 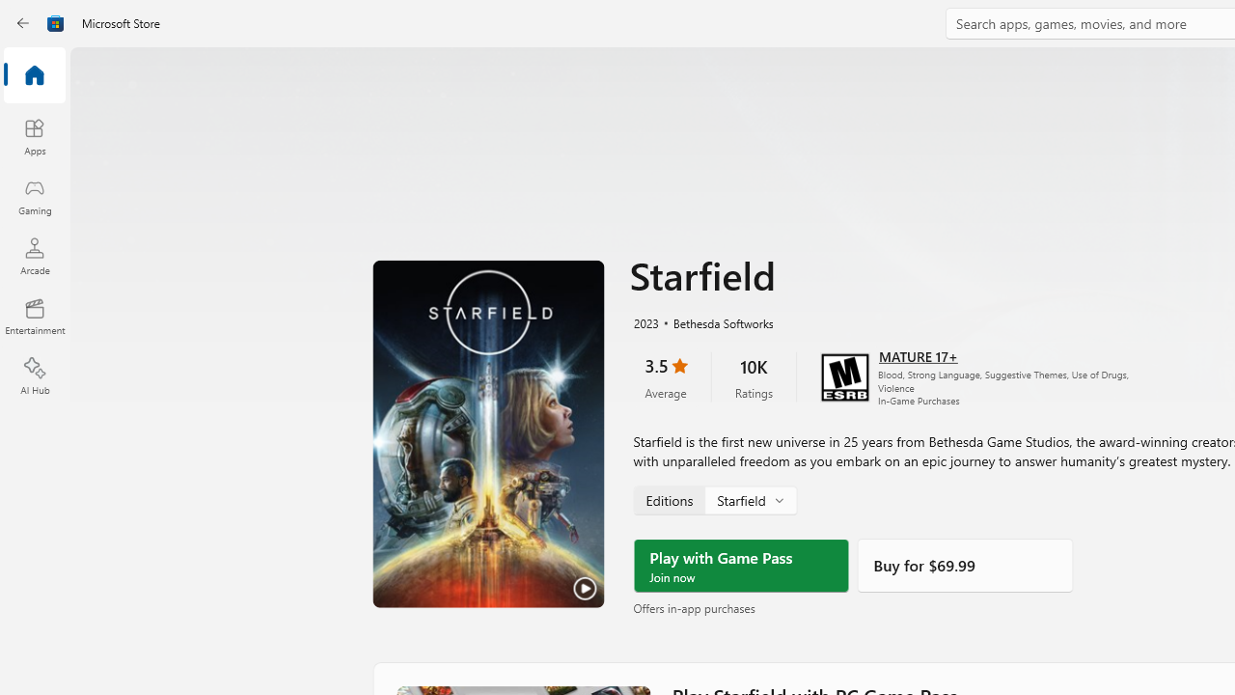 I want to click on 'Home', so click(x=34, y=75).